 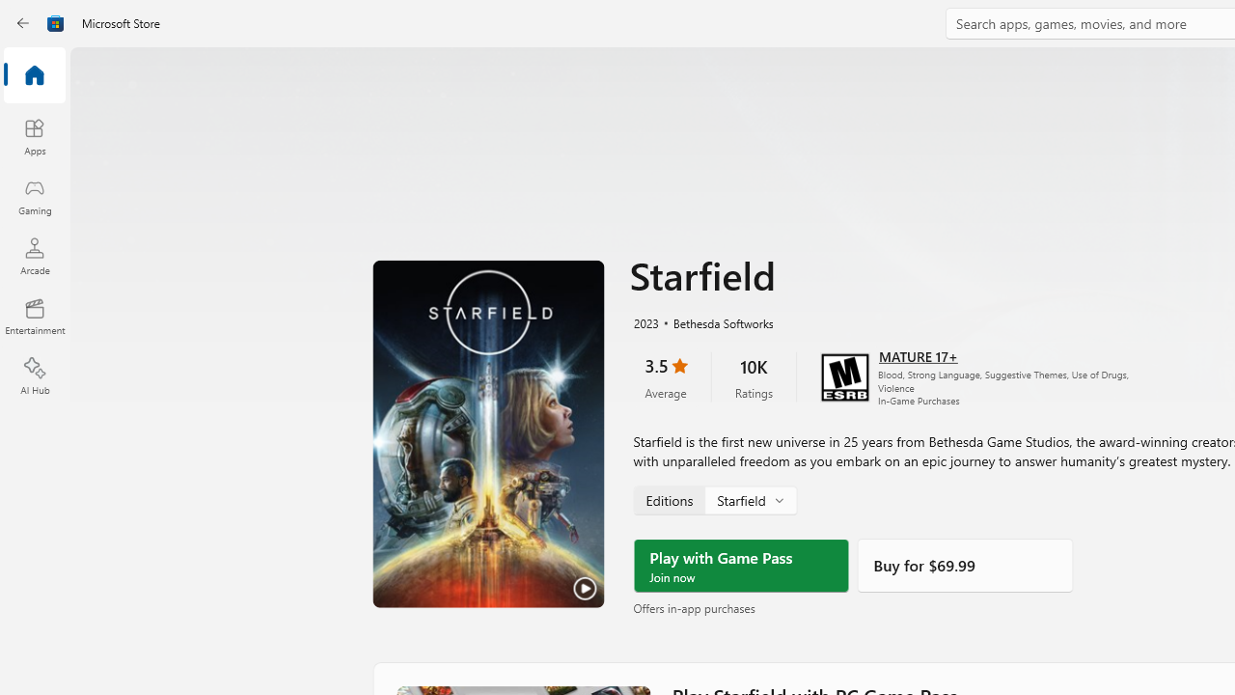 I want to click on 'Home', so click(x=34, y=75).